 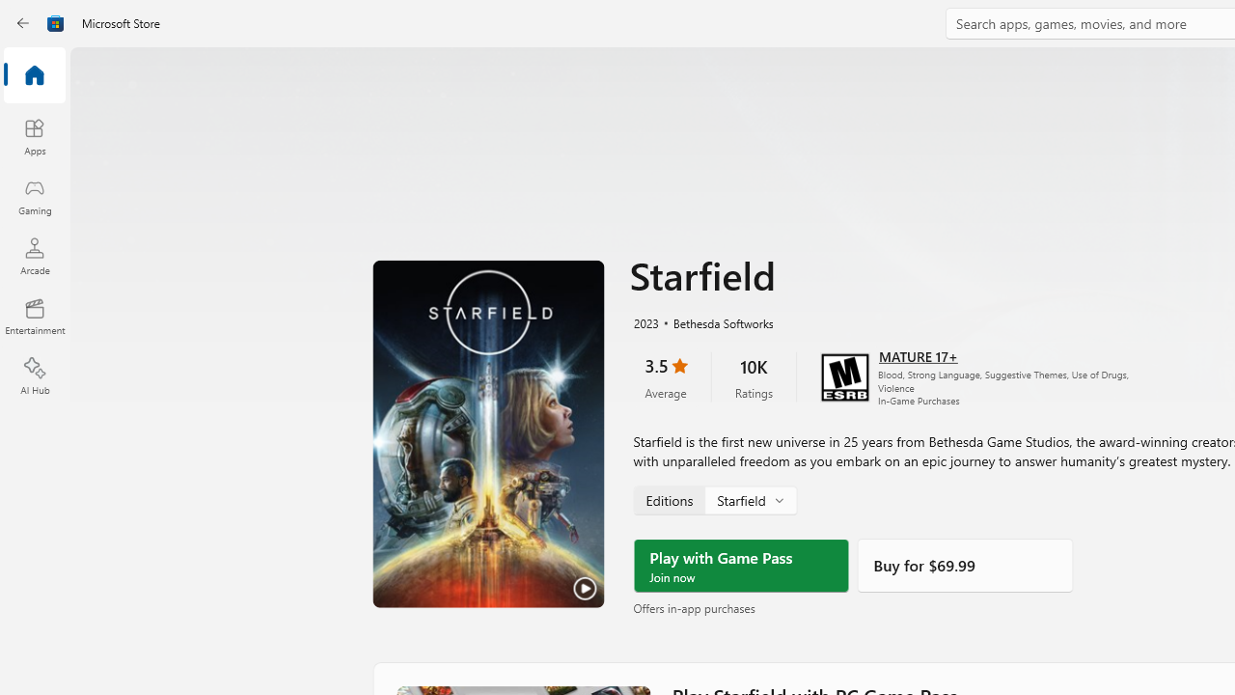 I want to click on 'Home', so click(x=34, y=75).